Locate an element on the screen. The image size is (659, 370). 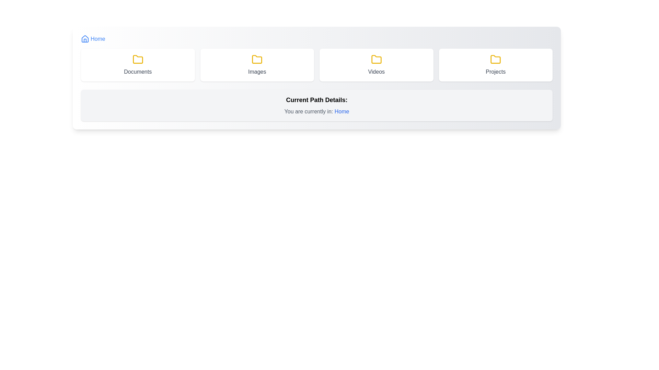
the 'Home' text label in the header navigation bar is located at coordinates (97, 39).